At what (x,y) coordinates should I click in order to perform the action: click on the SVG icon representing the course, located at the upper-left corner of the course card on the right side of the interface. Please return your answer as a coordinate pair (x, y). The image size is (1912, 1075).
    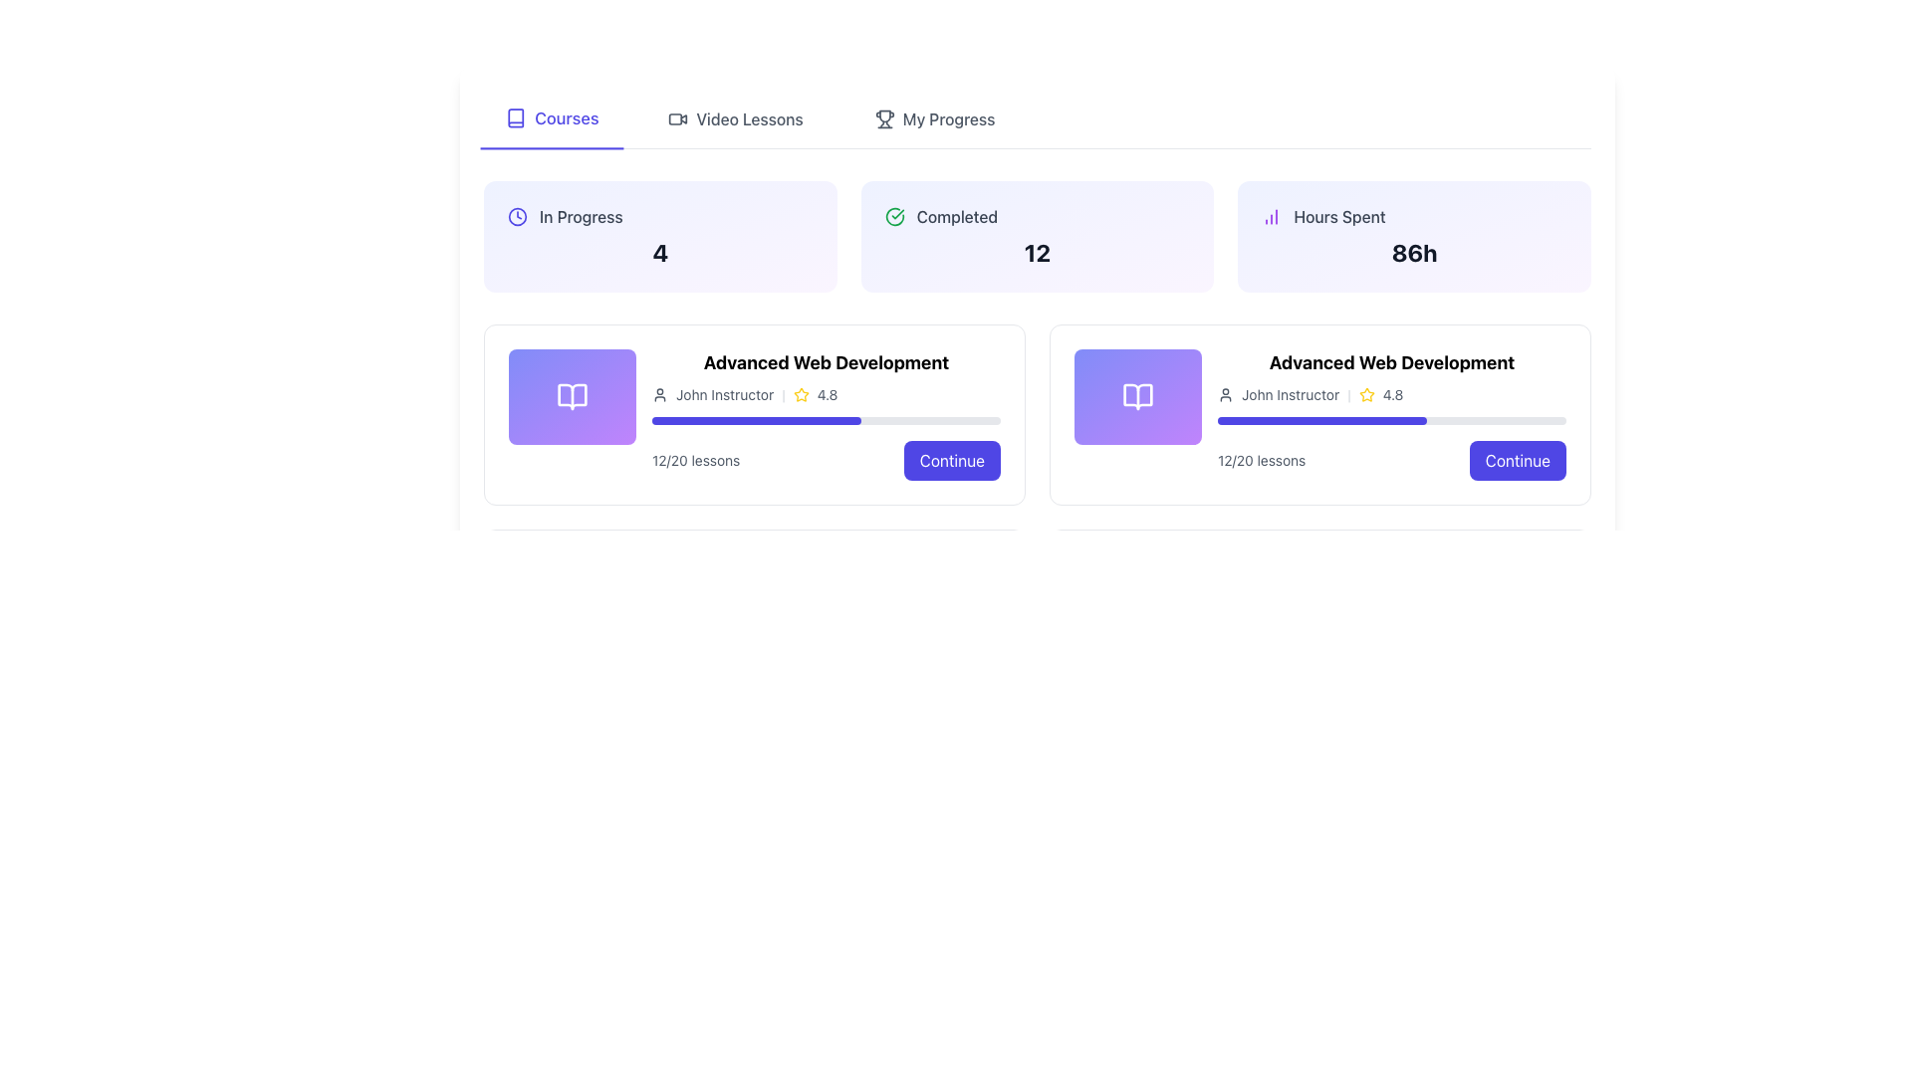
    Looking at the image, I should click on (1137, 396).